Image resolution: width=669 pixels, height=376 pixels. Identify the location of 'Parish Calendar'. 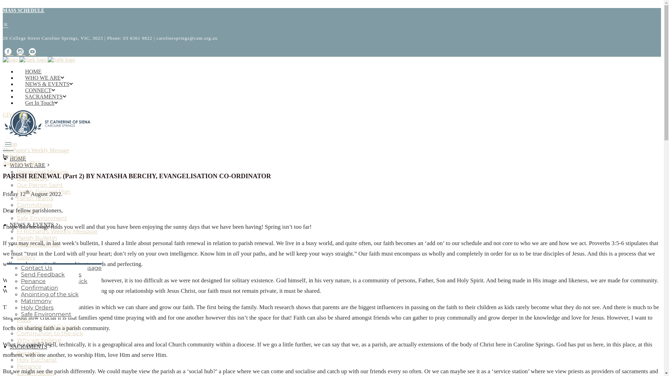
(17, 244).